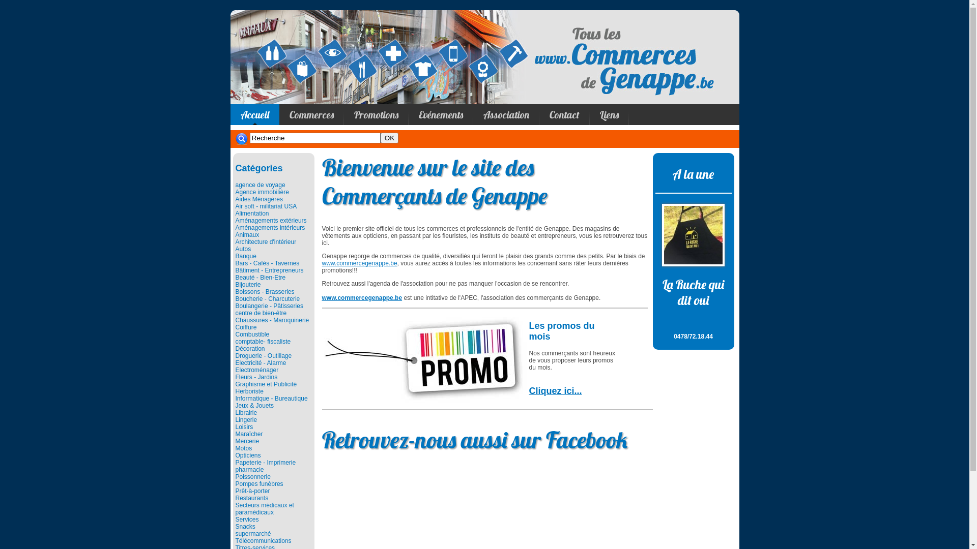  What do you see at coordinates (693, 303) in the screenshot?
I see `'La Ruche qui dit oui` at bounding box center [693, 303].